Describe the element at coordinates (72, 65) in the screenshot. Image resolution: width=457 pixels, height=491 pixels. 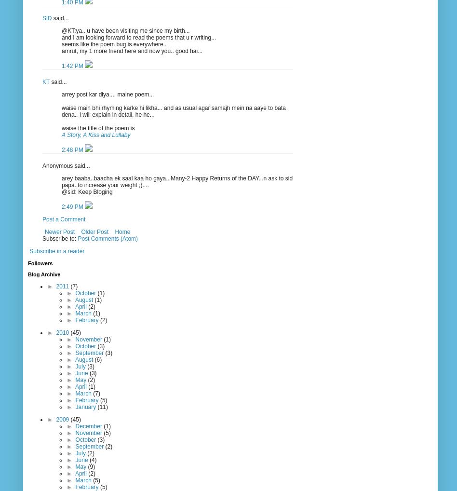
I see `'1:42 PM'` at that location.